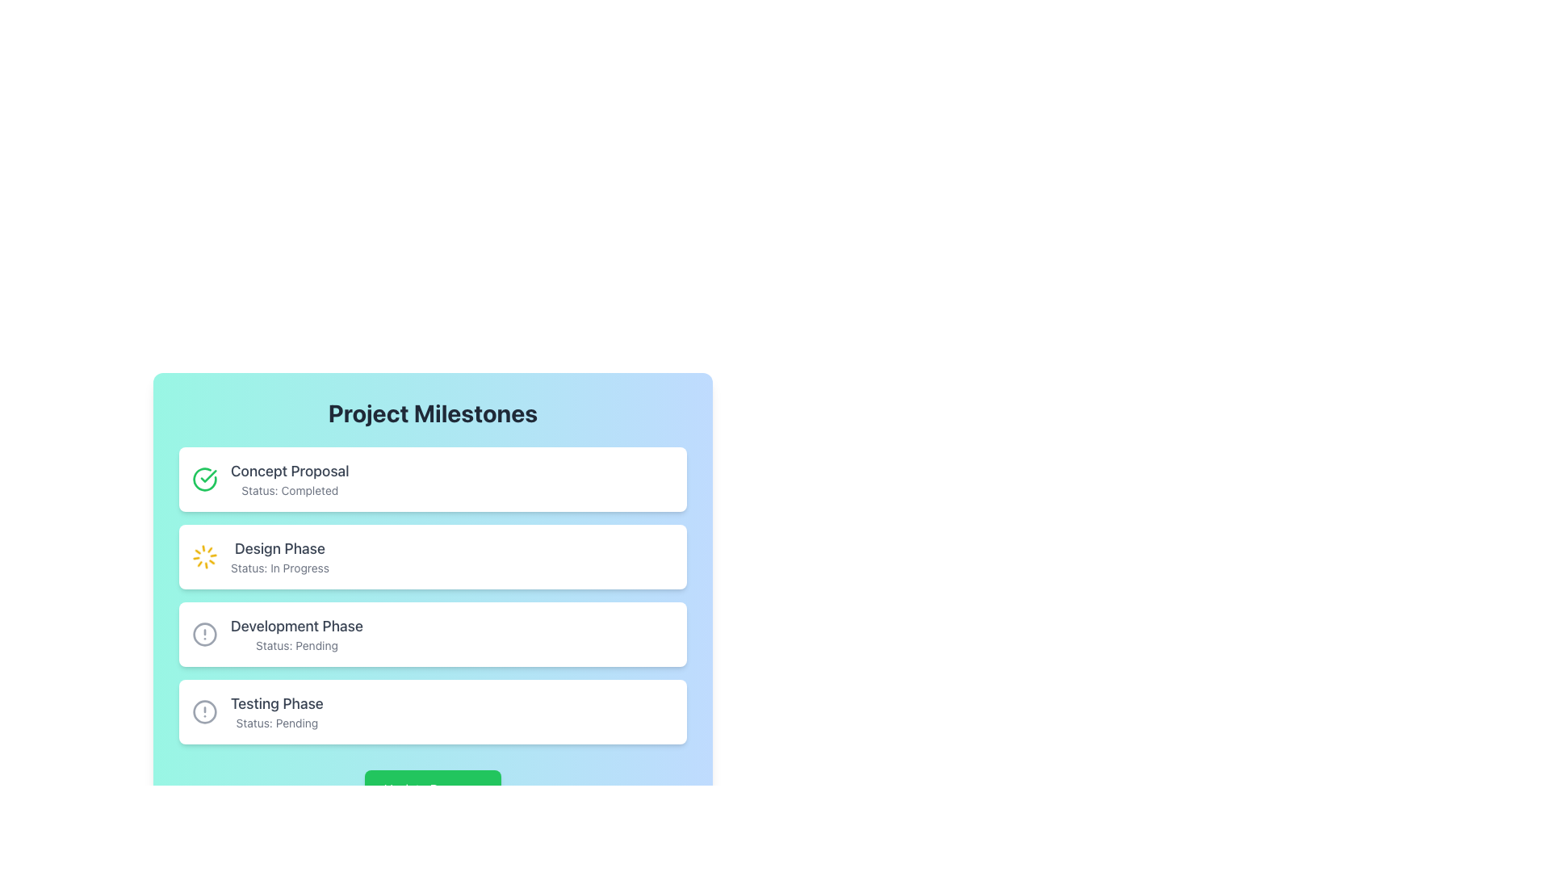 Image resolution: width=1550 pixels, height=872 pixels. Describe the element at coordinates (433, 595) in the screenshot. I see `the visual indicators for status updates in the project status components, which are grouped vertically and include titles, status messages, and icons indicating project phases` at that location.